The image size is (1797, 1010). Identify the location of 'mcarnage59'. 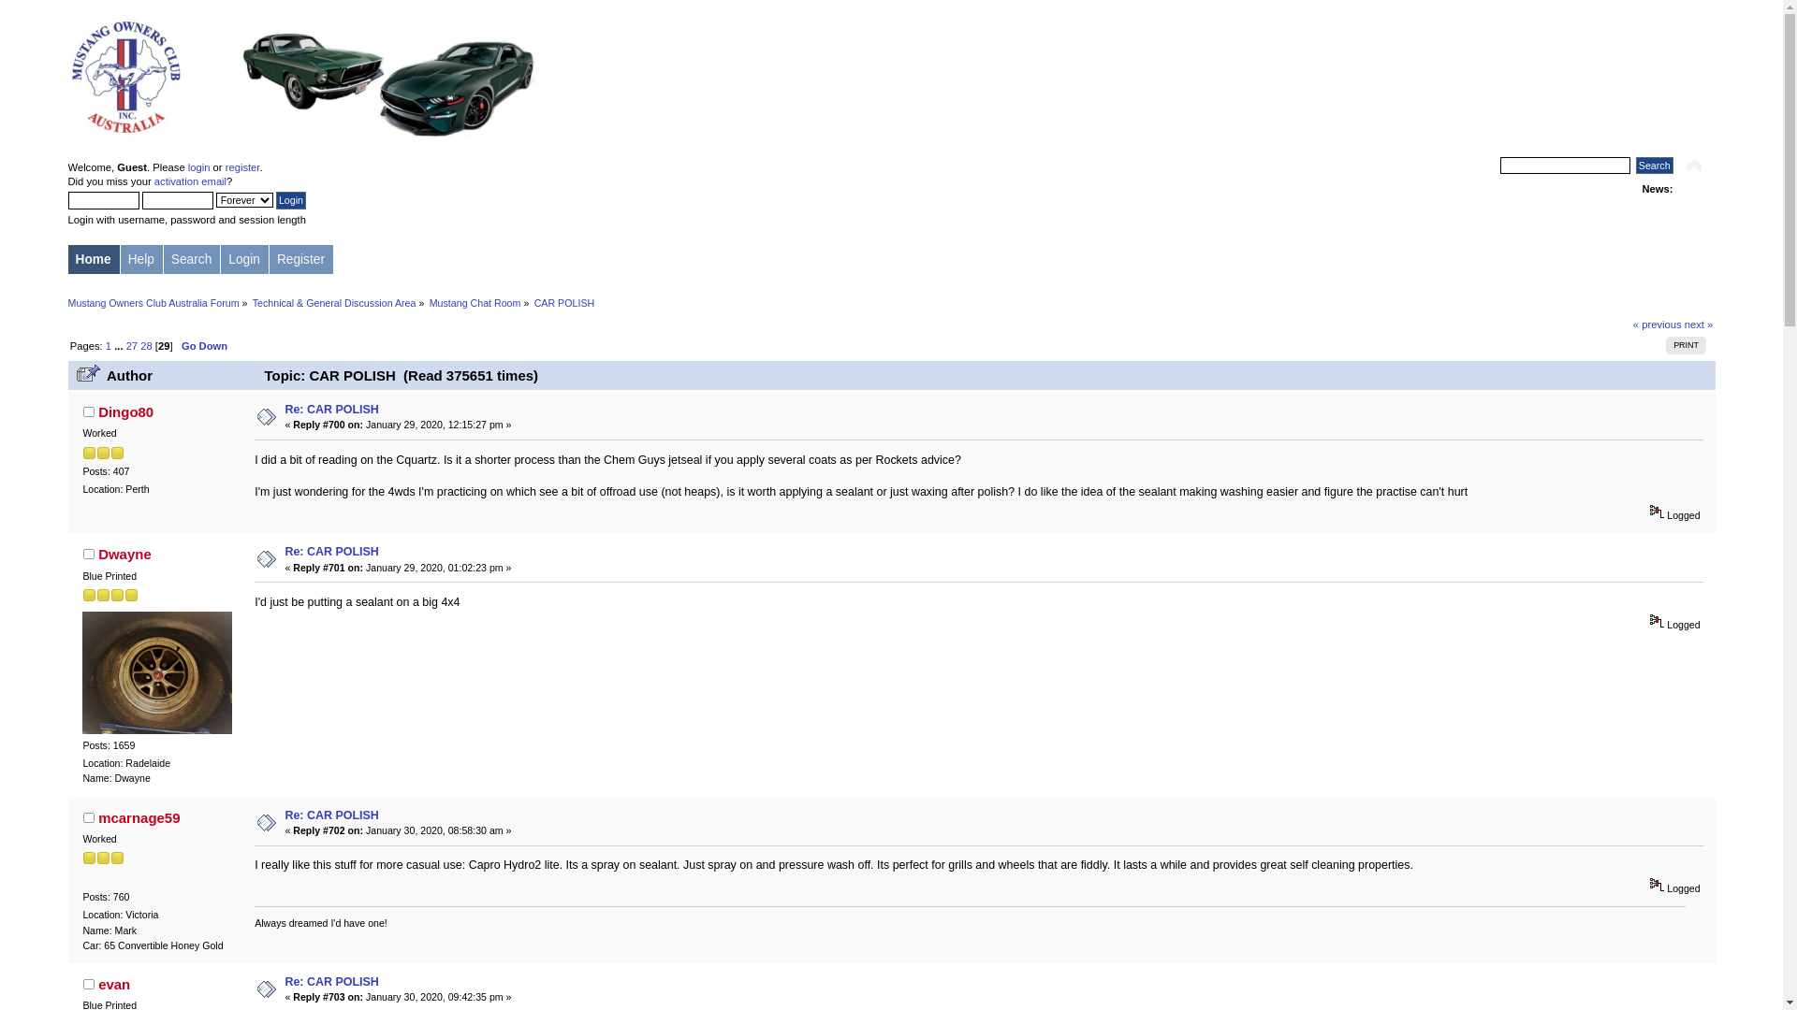
(138, 816).